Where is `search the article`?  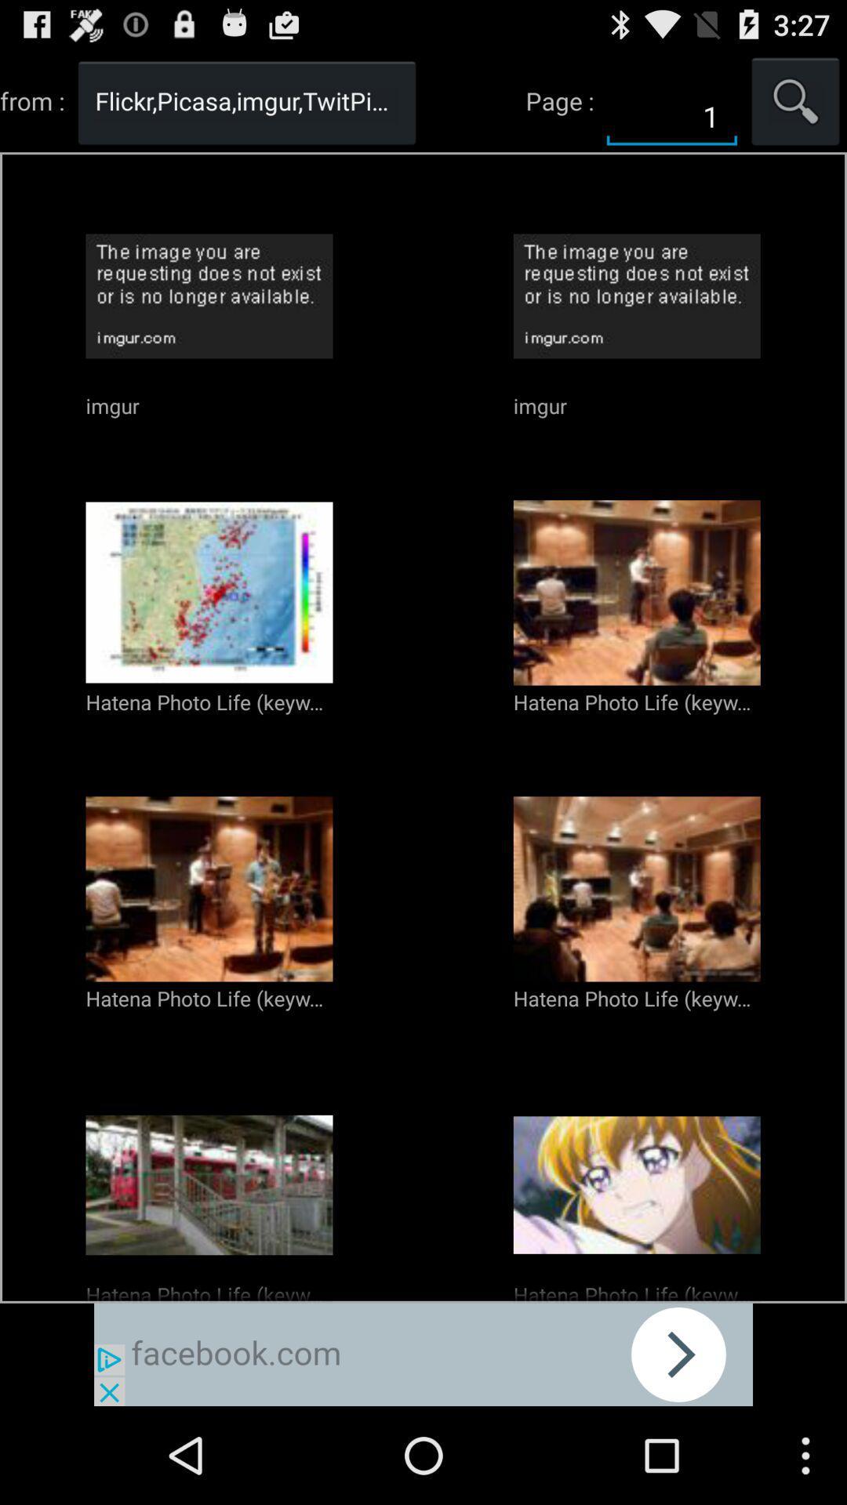
search the article is located at coordinates (795, 100).